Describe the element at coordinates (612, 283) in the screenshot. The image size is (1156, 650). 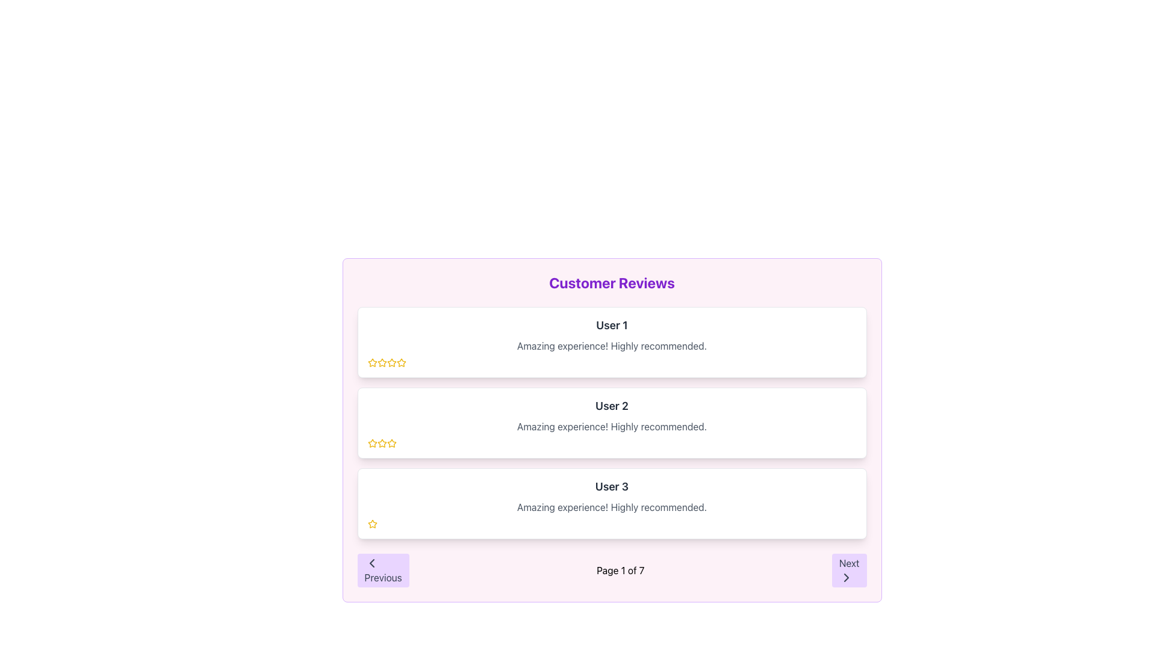
I see `the 'Customer Reviews' label, which is a bold, large purple text at the center-top of the review section` at that location.